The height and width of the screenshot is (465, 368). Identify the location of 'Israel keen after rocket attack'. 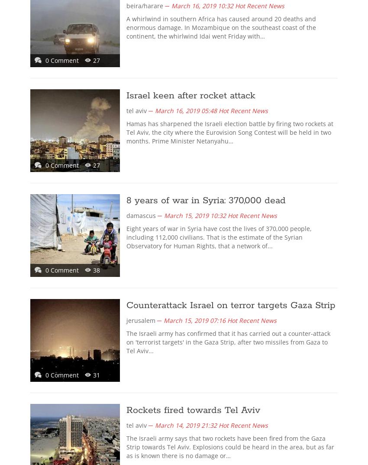
(190, 96).